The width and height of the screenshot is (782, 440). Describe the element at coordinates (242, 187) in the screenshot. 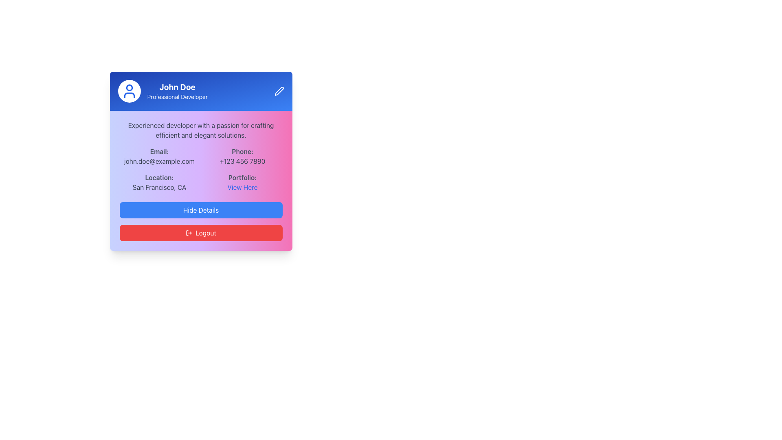

I see `the 'View Here' text link adjacent to the 'Portfolio:' label` at that location.